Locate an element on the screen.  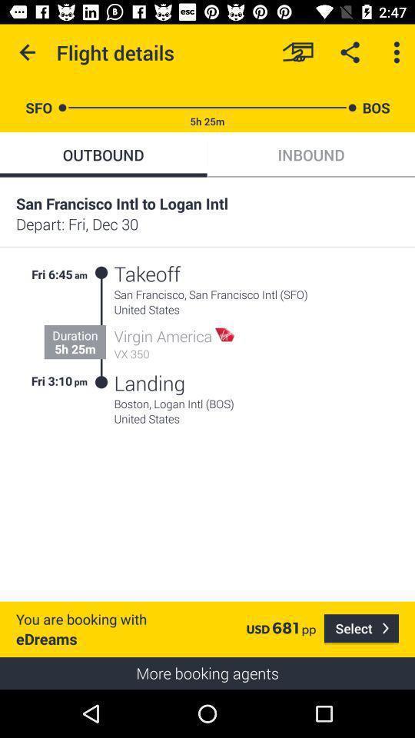
the icon above duration icon is located at coordinates (81, 272).